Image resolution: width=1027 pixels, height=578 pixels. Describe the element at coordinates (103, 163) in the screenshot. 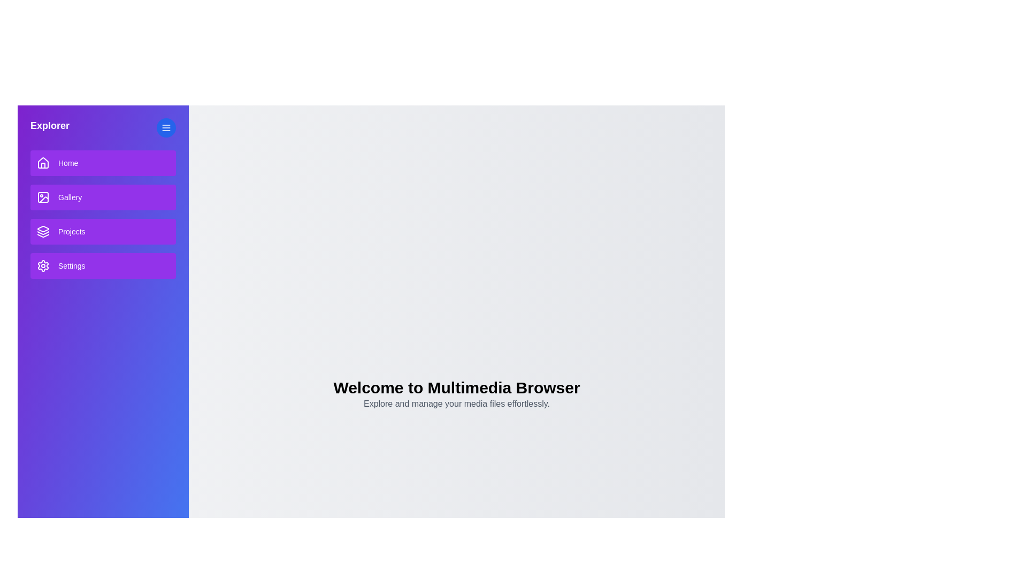

I see `the 'Home' button to navigate to the 'Home' section` at that location.